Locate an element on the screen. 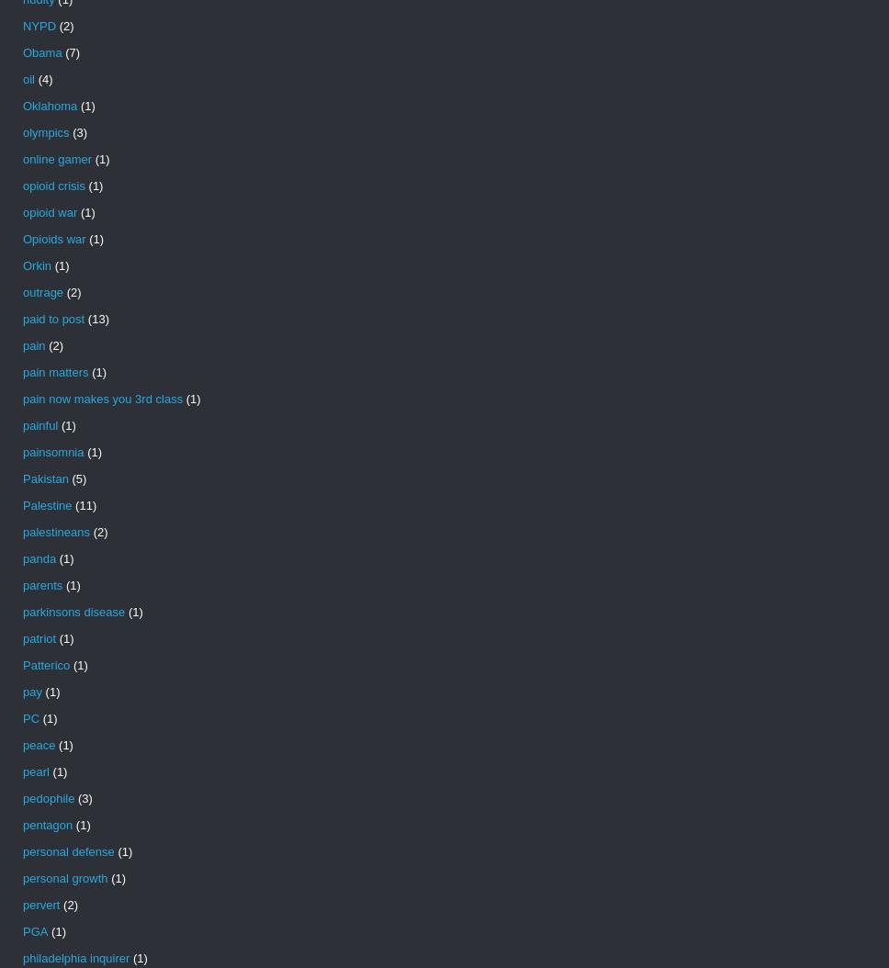 The height and width of the screenshot is (968, 889). 'parents' is located at coordinates (41, 585).